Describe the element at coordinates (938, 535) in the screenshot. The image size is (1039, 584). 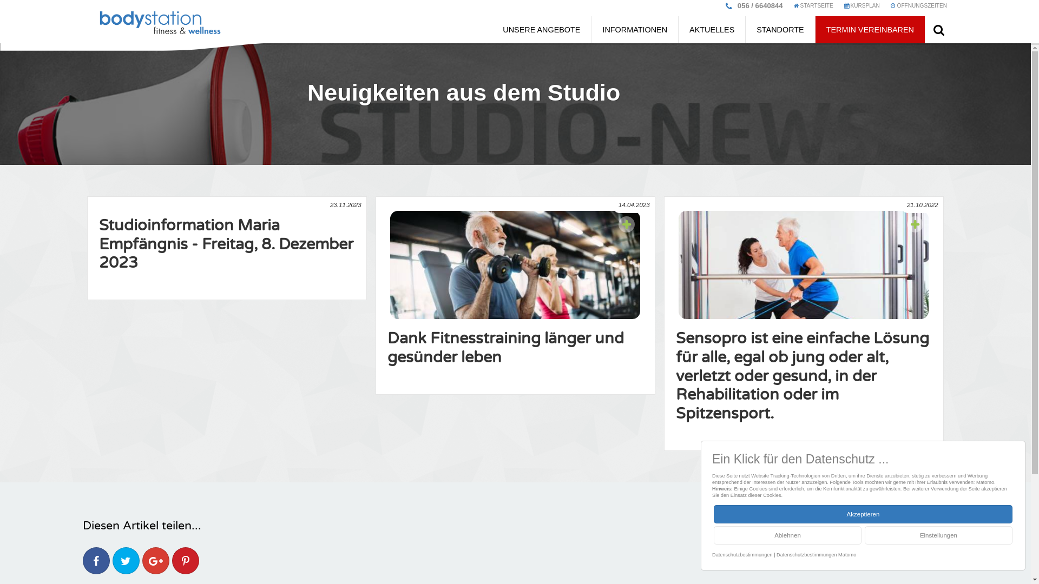
I see `'Einstellungen'` at that location.